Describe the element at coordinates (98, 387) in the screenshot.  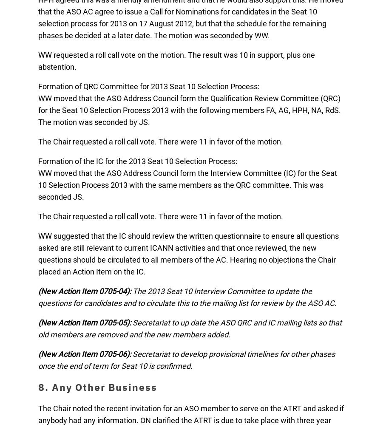
I see `'8. Any Other Business'` at that location.